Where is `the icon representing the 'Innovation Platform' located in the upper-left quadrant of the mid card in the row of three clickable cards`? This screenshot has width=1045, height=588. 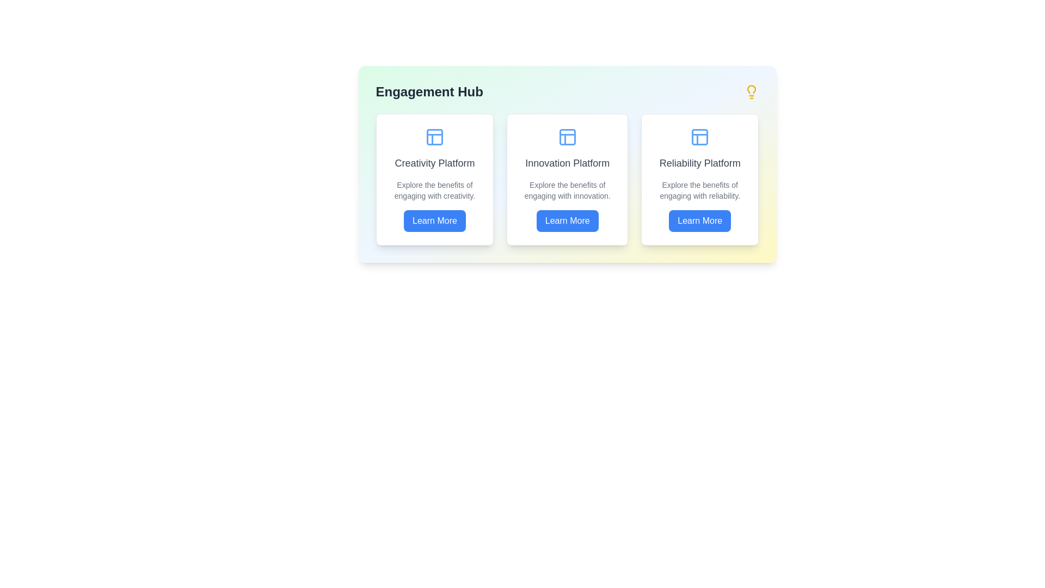 the icon representing the 'Innovation Platform' located in the upper-left quadrant of the mid card in the row of three clickable cards is located at coordinates (567, 136).